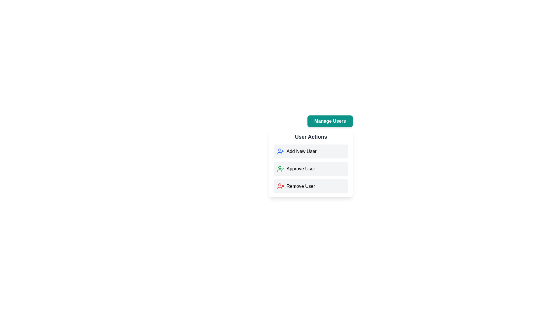 This screenshot has width=559, height=314. I want to click on text label 'Approve User' located in the second row of user actions, which is visually accompanied by a green icon to its left, so click(301, 169).